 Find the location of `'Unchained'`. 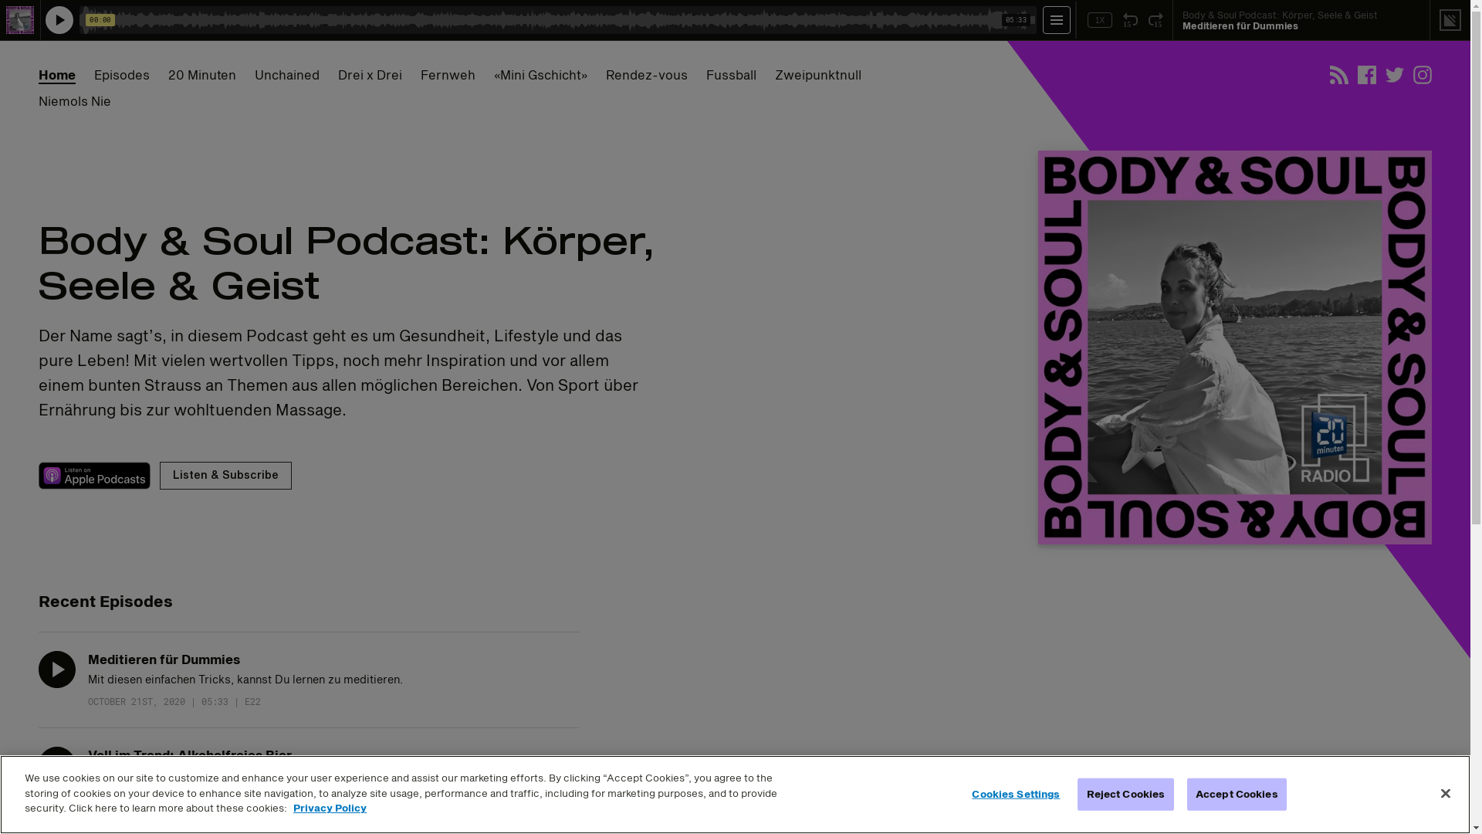

'Unchained' is located at coordinates (287, 74).